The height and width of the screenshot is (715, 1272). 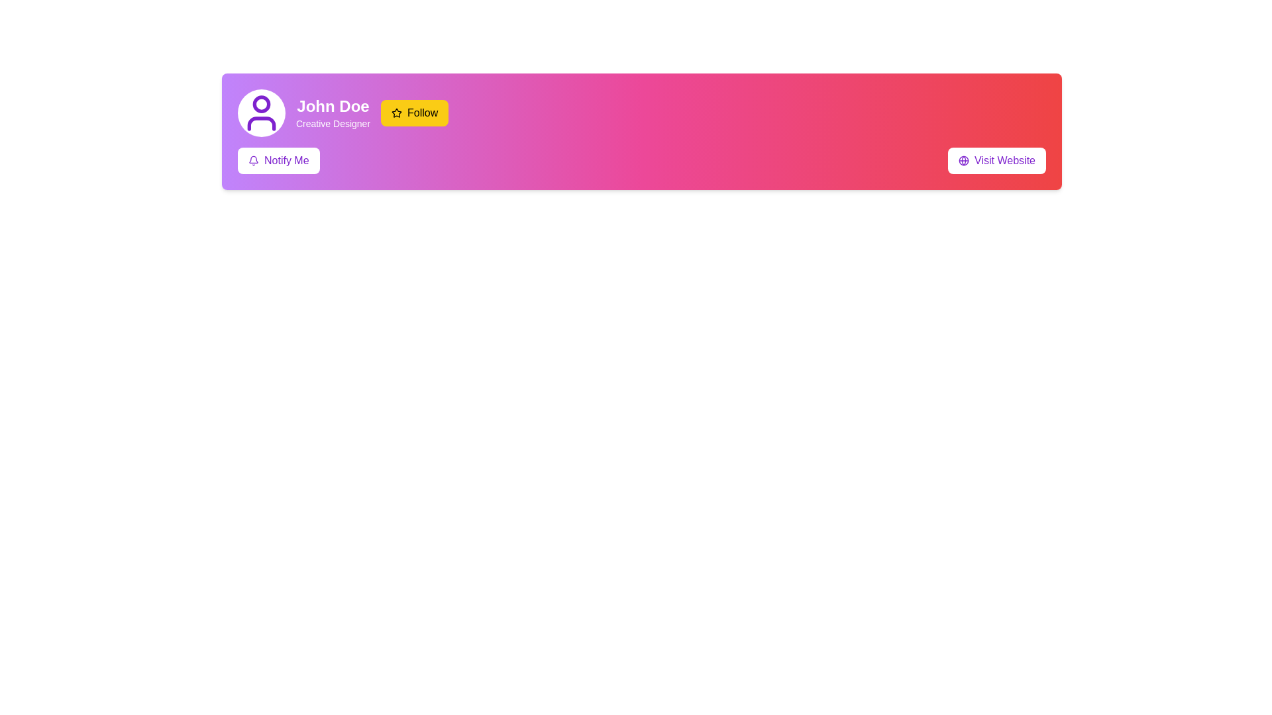 What do you see at coordinates (396, 112) in the screenshot?
I see `the star icon indicating favorite or premium status, located adjacent to the 'Follow' button on the right side of the header section` at bounding box center [396, 112].